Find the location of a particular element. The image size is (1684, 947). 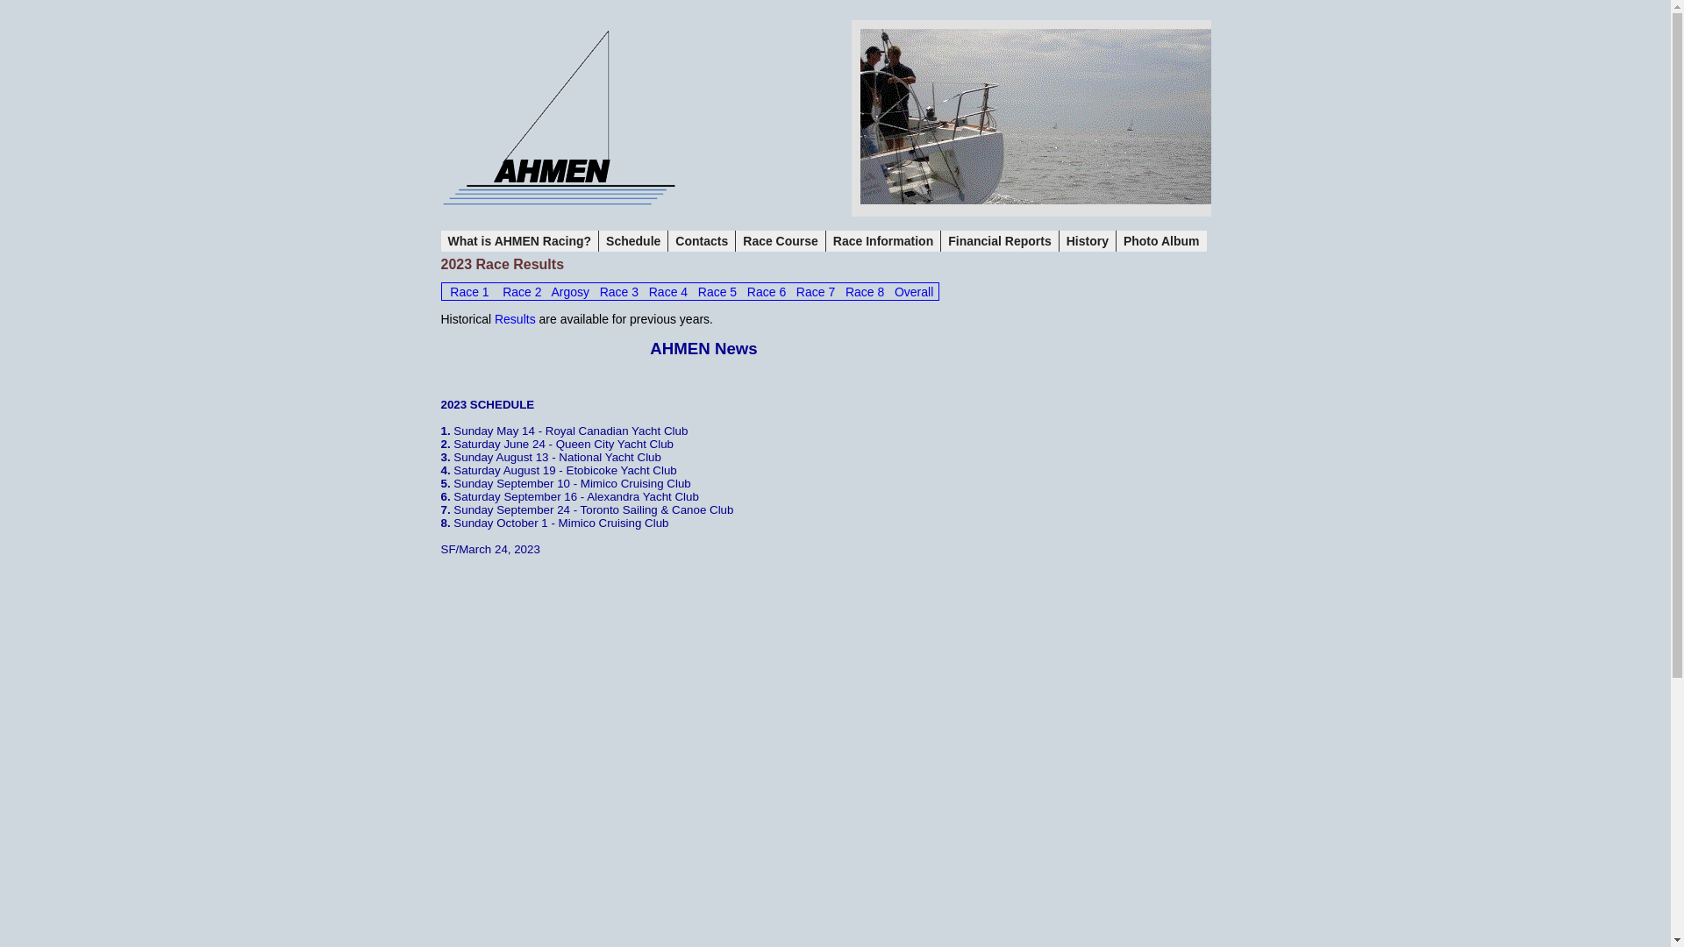

'Results' is located at coordinates (514, 318).